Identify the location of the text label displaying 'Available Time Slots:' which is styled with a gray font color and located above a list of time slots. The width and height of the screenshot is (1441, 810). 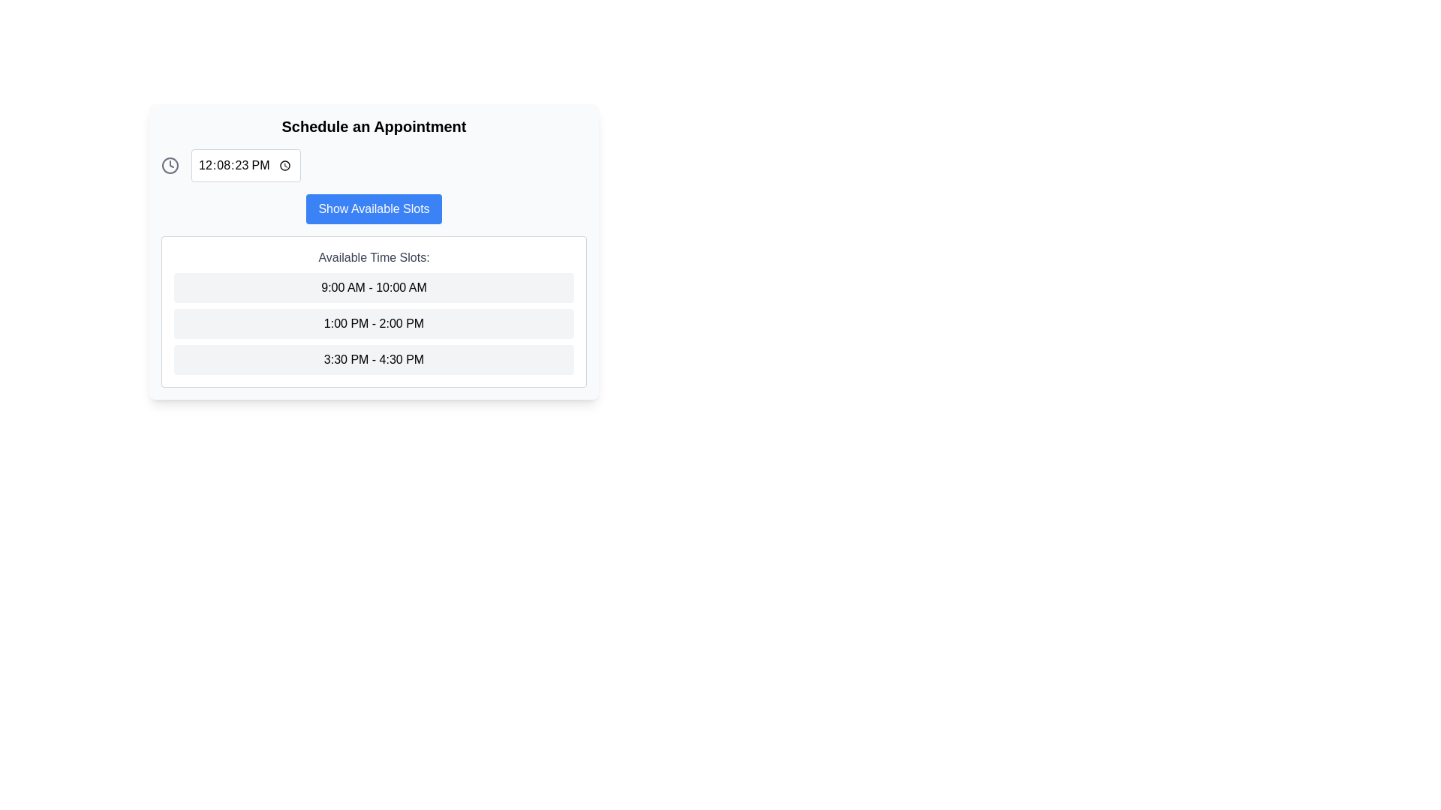
(374, 256).